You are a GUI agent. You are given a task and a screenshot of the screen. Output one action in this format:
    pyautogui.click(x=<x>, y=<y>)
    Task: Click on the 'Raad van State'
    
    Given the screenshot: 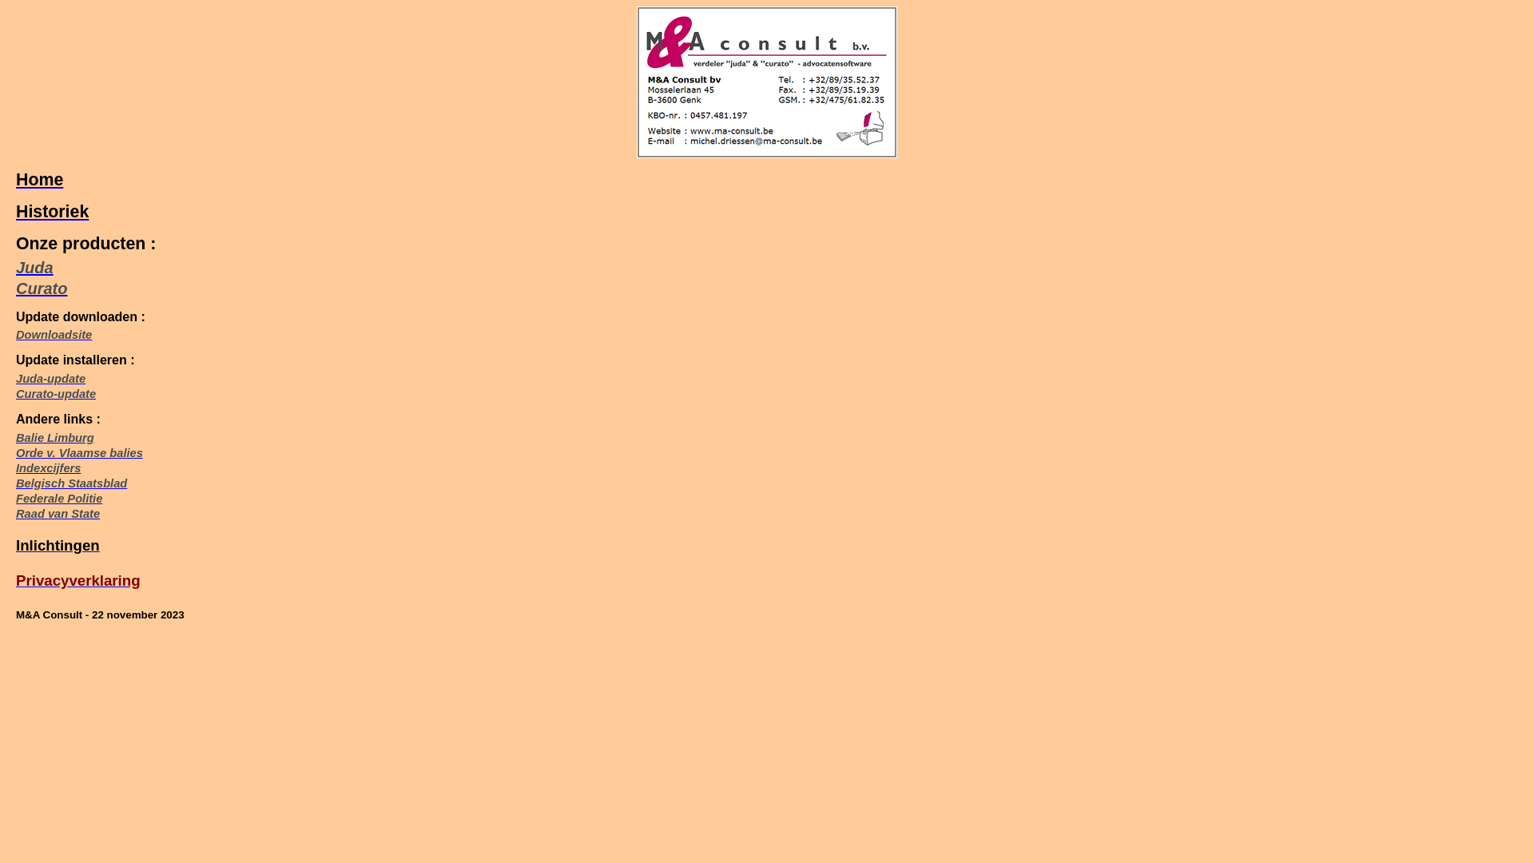 What is the action you would take?
    pyautogui.click(x=58, y=514)
    